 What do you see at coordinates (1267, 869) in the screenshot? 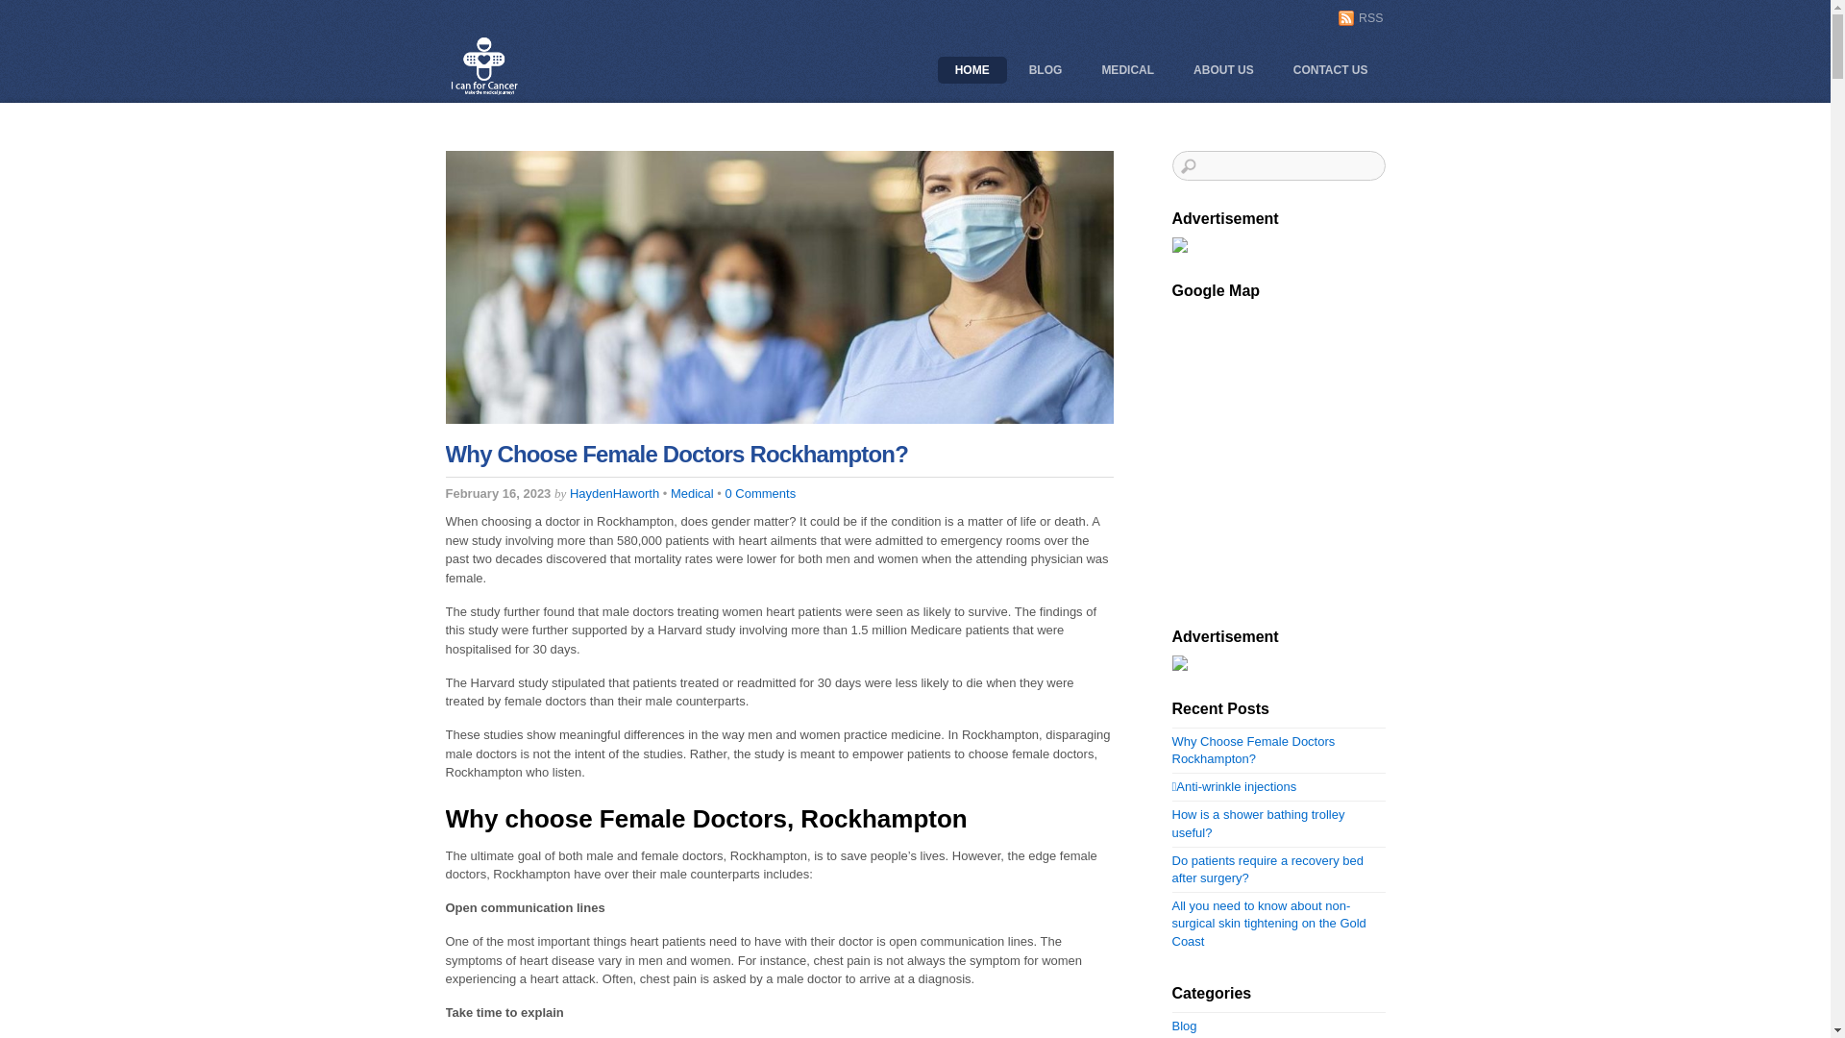
I see `'Do patients require a recovery bed after surgery?'` at bounding box center [1267, 869].